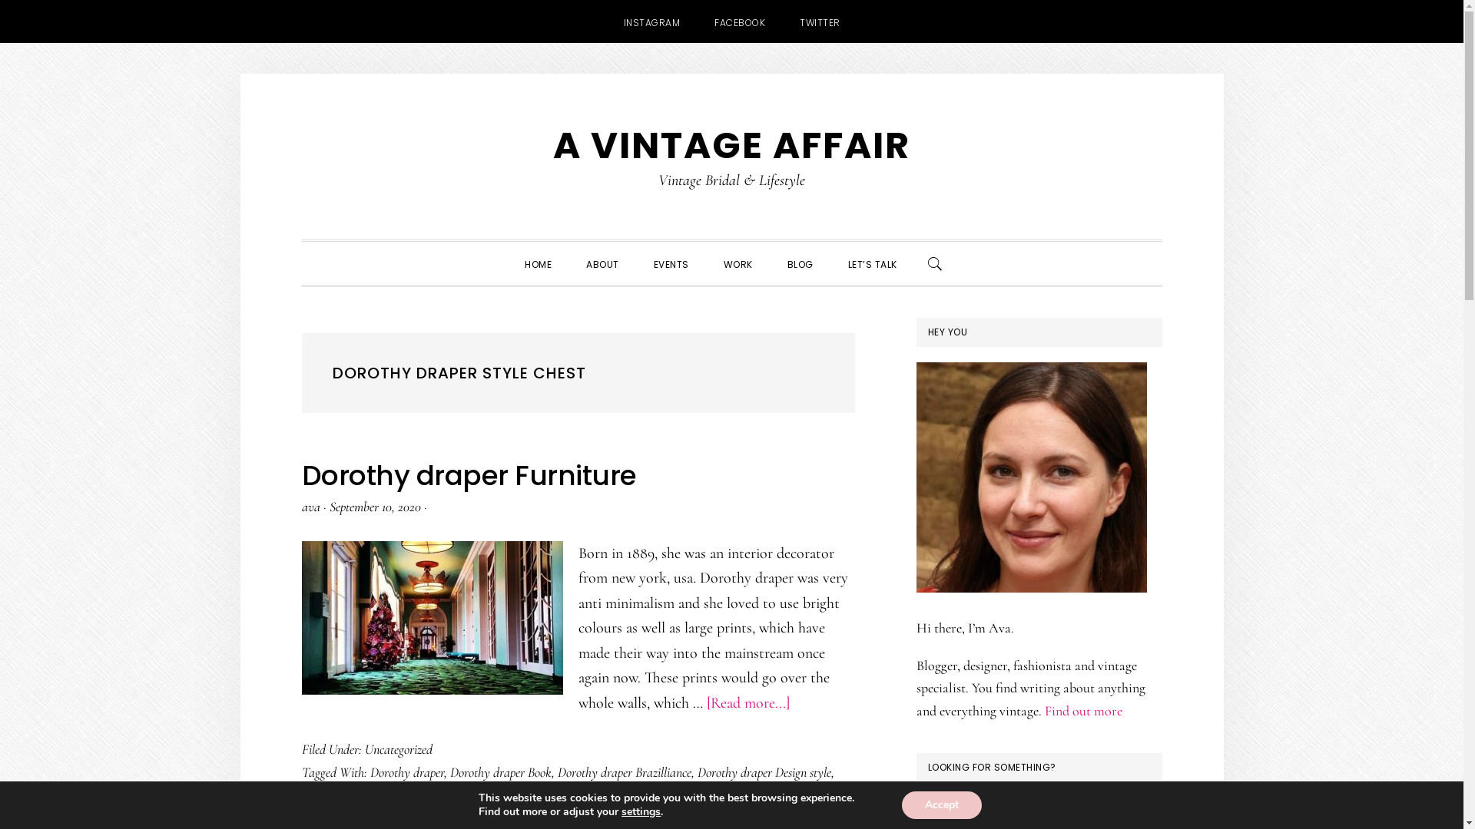  Describe the element at coordinates (799, 262) in the screenshot. I see `'BLOG'` at that location.